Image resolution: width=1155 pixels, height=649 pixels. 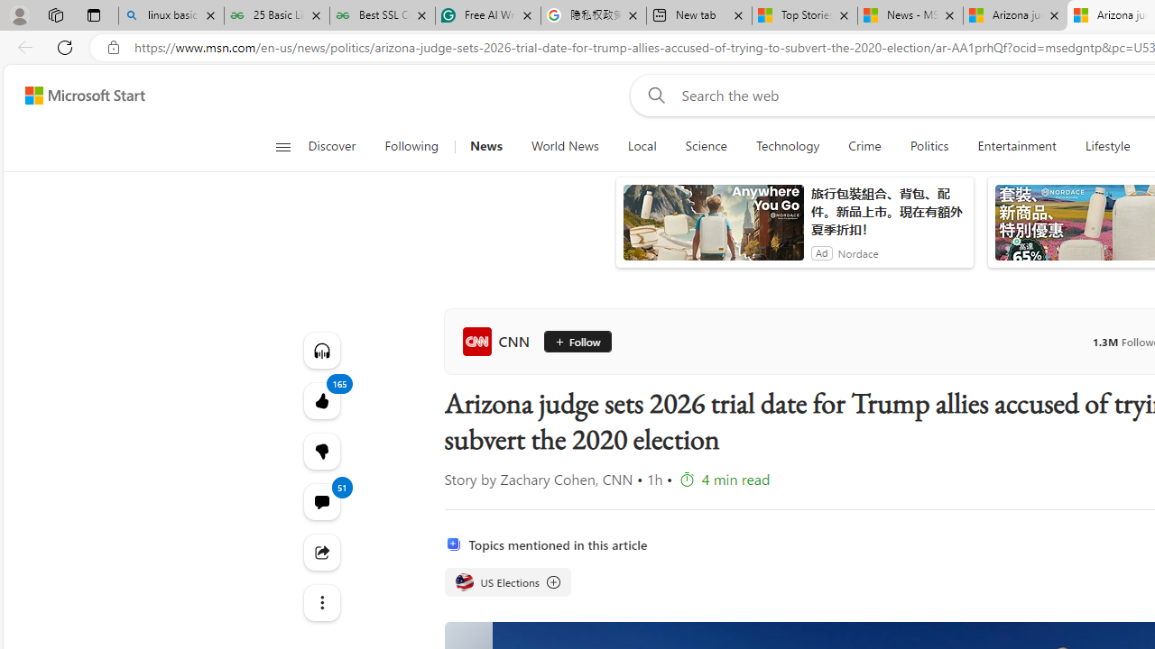 I want to click on 'View comments 51 Comment', so click(x=321, y=501).